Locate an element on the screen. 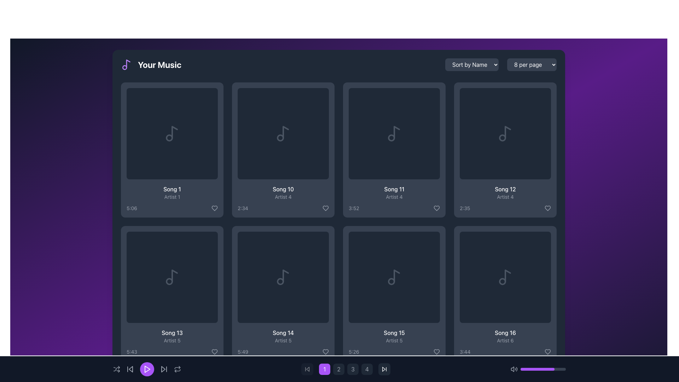 This screenshot has height=382, width=679. the text label indicating the duration of the song 'Song 15', located at the bottom of the card next to the heart icon is located at coordinates (394, 352).